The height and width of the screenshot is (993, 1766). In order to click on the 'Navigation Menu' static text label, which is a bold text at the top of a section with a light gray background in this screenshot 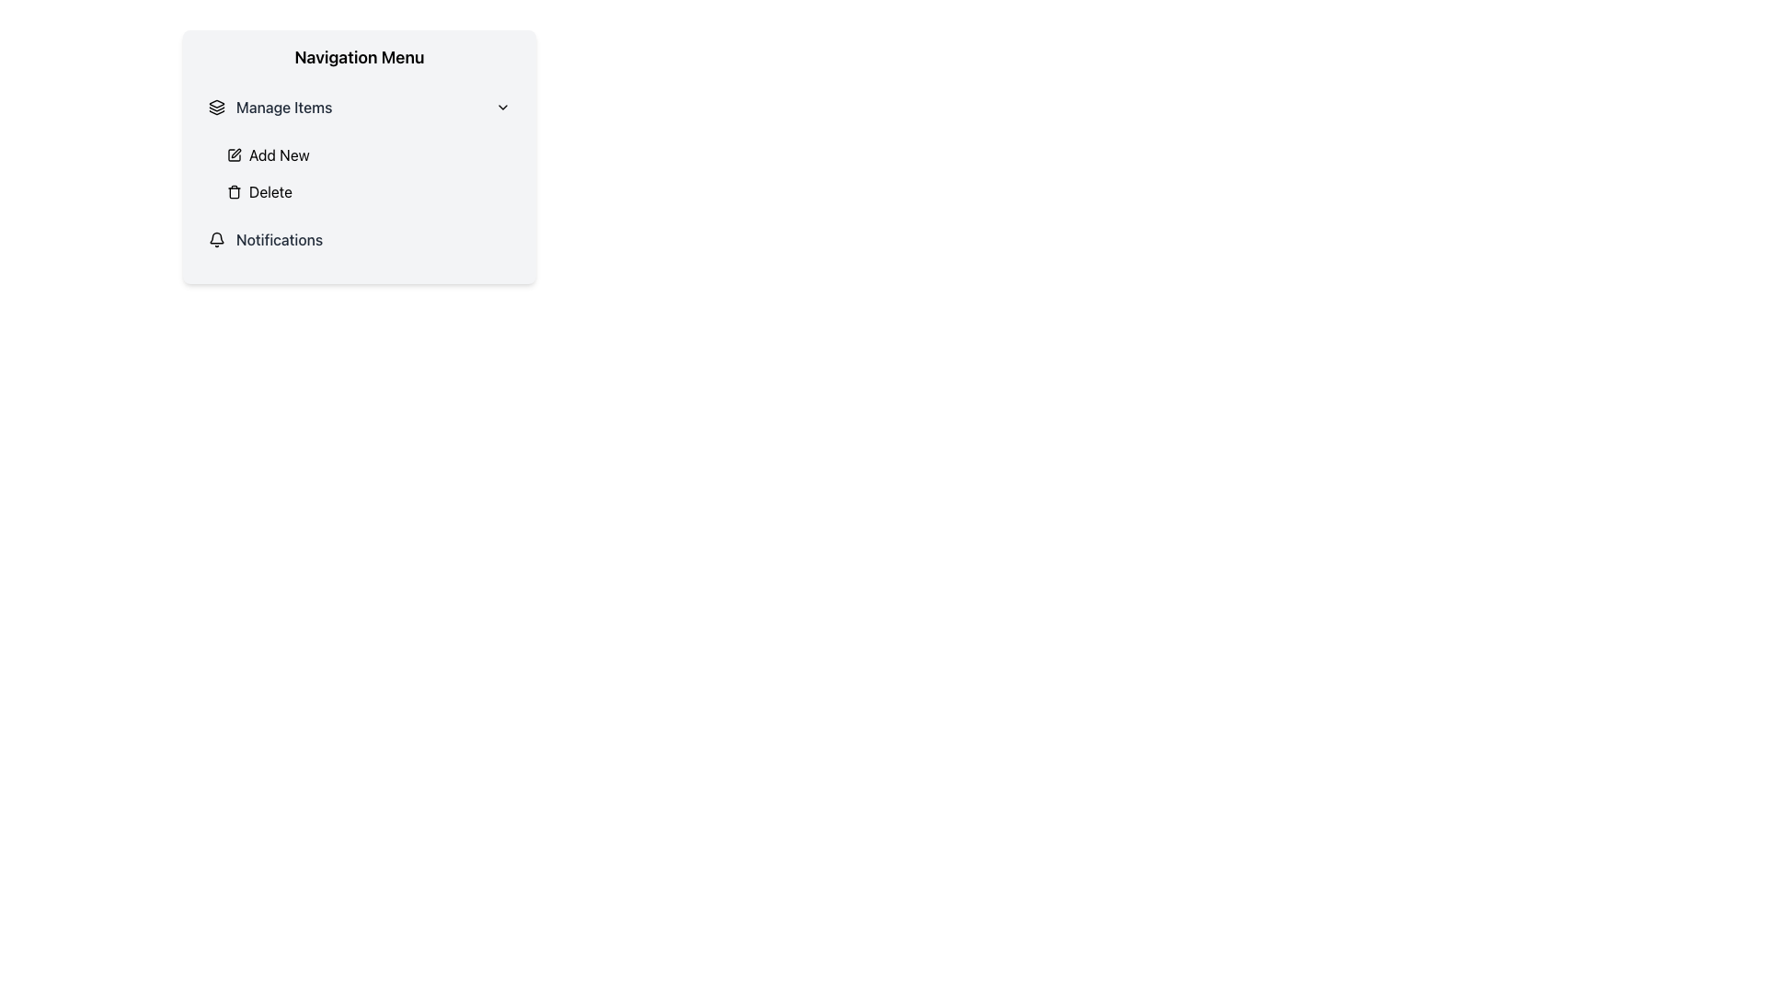, I will do `click(359, 56)`.